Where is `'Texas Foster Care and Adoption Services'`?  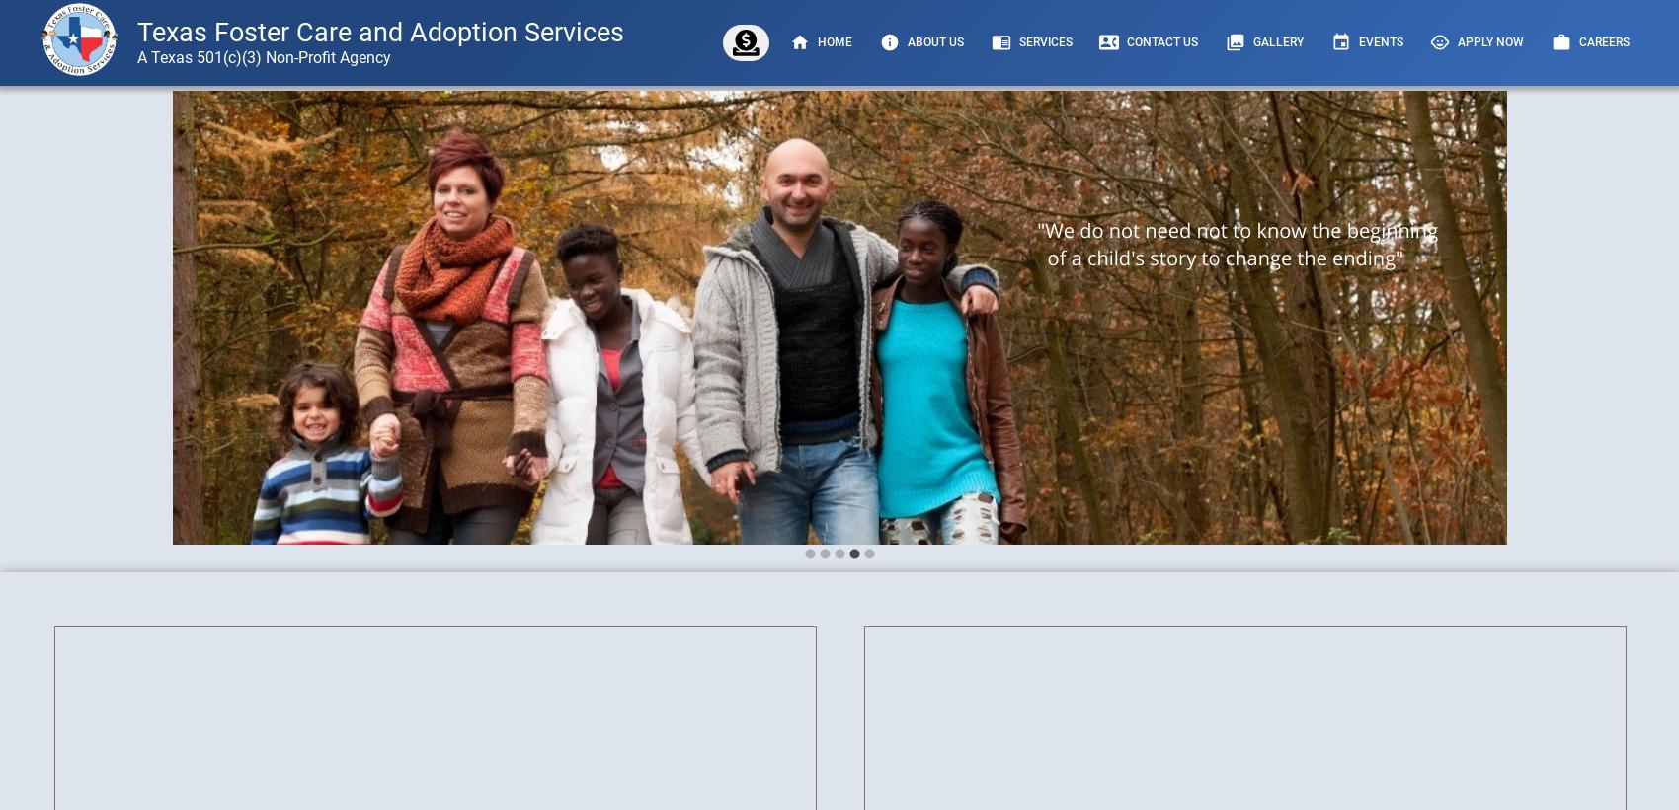
'Texas Foster Care and Adoption Services' is located at coordinates (378, 31).